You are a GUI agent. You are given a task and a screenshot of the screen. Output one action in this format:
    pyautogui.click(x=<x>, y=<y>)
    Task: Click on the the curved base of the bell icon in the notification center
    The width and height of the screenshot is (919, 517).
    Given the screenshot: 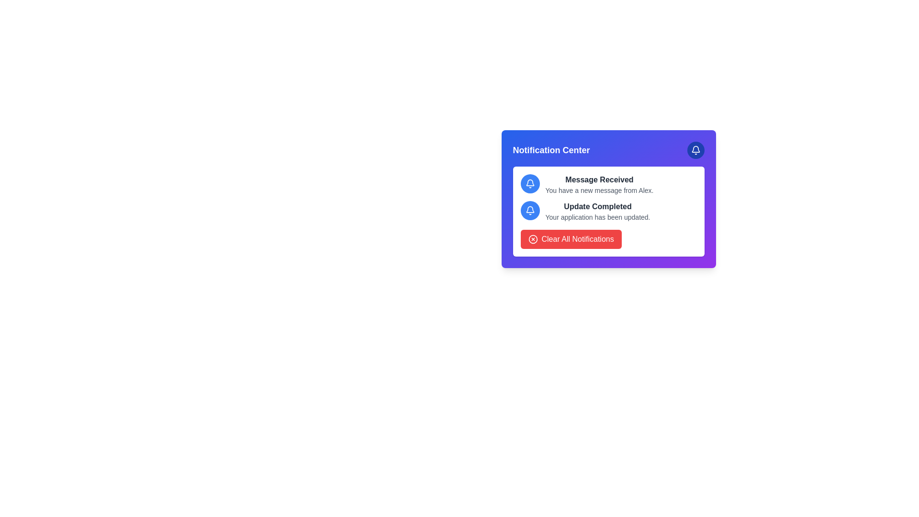 What is the action you would take?
    pyautogui.click(x=695, y=149)
    